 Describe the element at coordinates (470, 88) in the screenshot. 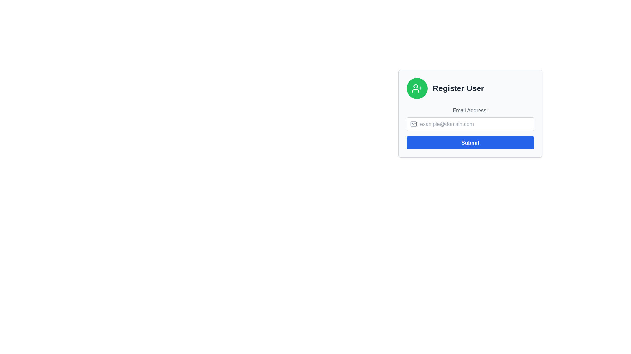

I see `text element displaying 'Register User' with a user silhouette icon on its left side, located at the top of a rectangular card` at that location.